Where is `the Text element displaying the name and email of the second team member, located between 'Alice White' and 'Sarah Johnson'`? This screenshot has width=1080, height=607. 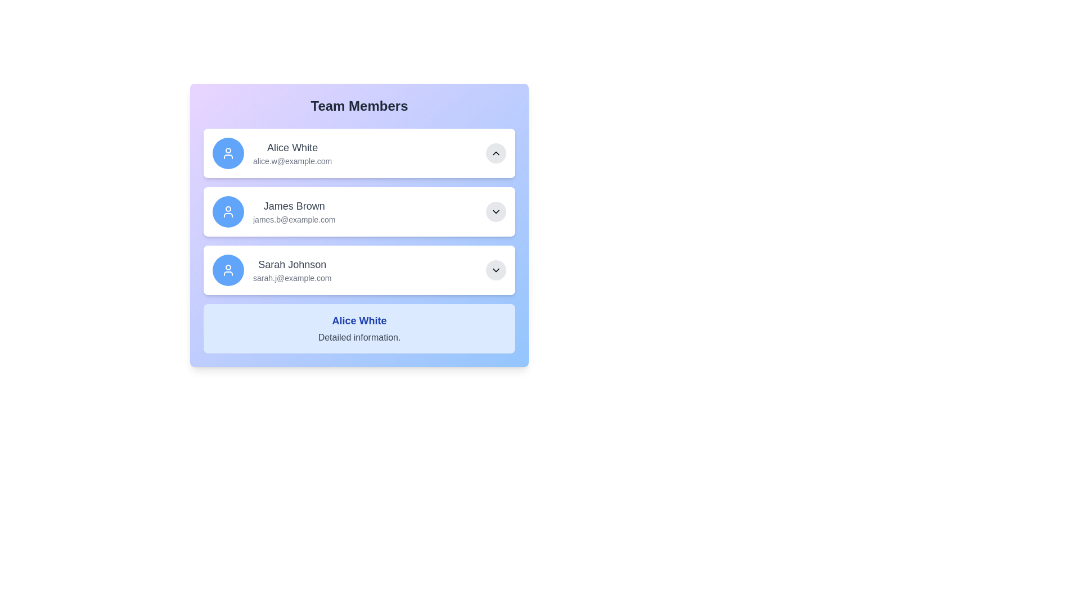 the Text element displaying the name and email of the second team member, located between 'Alice White' and 'Sarah Johnson' is located at coordinates (294, 212).